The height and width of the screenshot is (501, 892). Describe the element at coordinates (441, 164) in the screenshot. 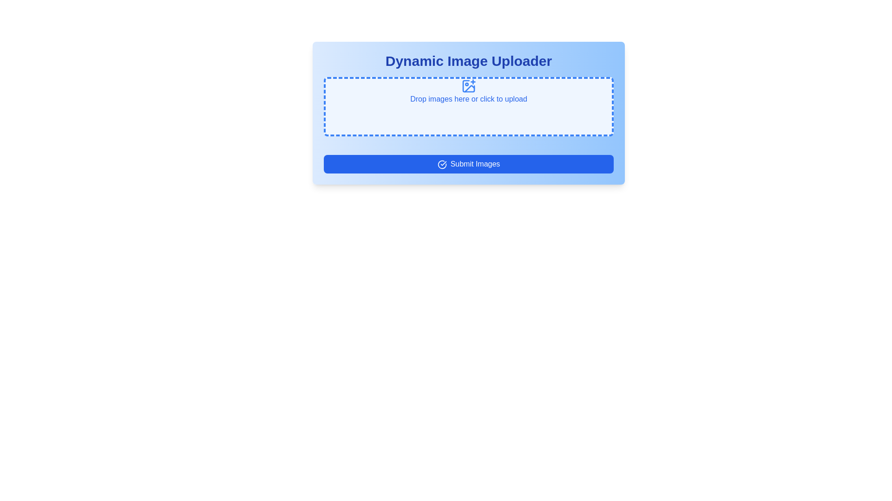

I see `the circular checkmark icon located to the left of the 'Submit Images' button, which is centered at the bottom of the form` at that location.